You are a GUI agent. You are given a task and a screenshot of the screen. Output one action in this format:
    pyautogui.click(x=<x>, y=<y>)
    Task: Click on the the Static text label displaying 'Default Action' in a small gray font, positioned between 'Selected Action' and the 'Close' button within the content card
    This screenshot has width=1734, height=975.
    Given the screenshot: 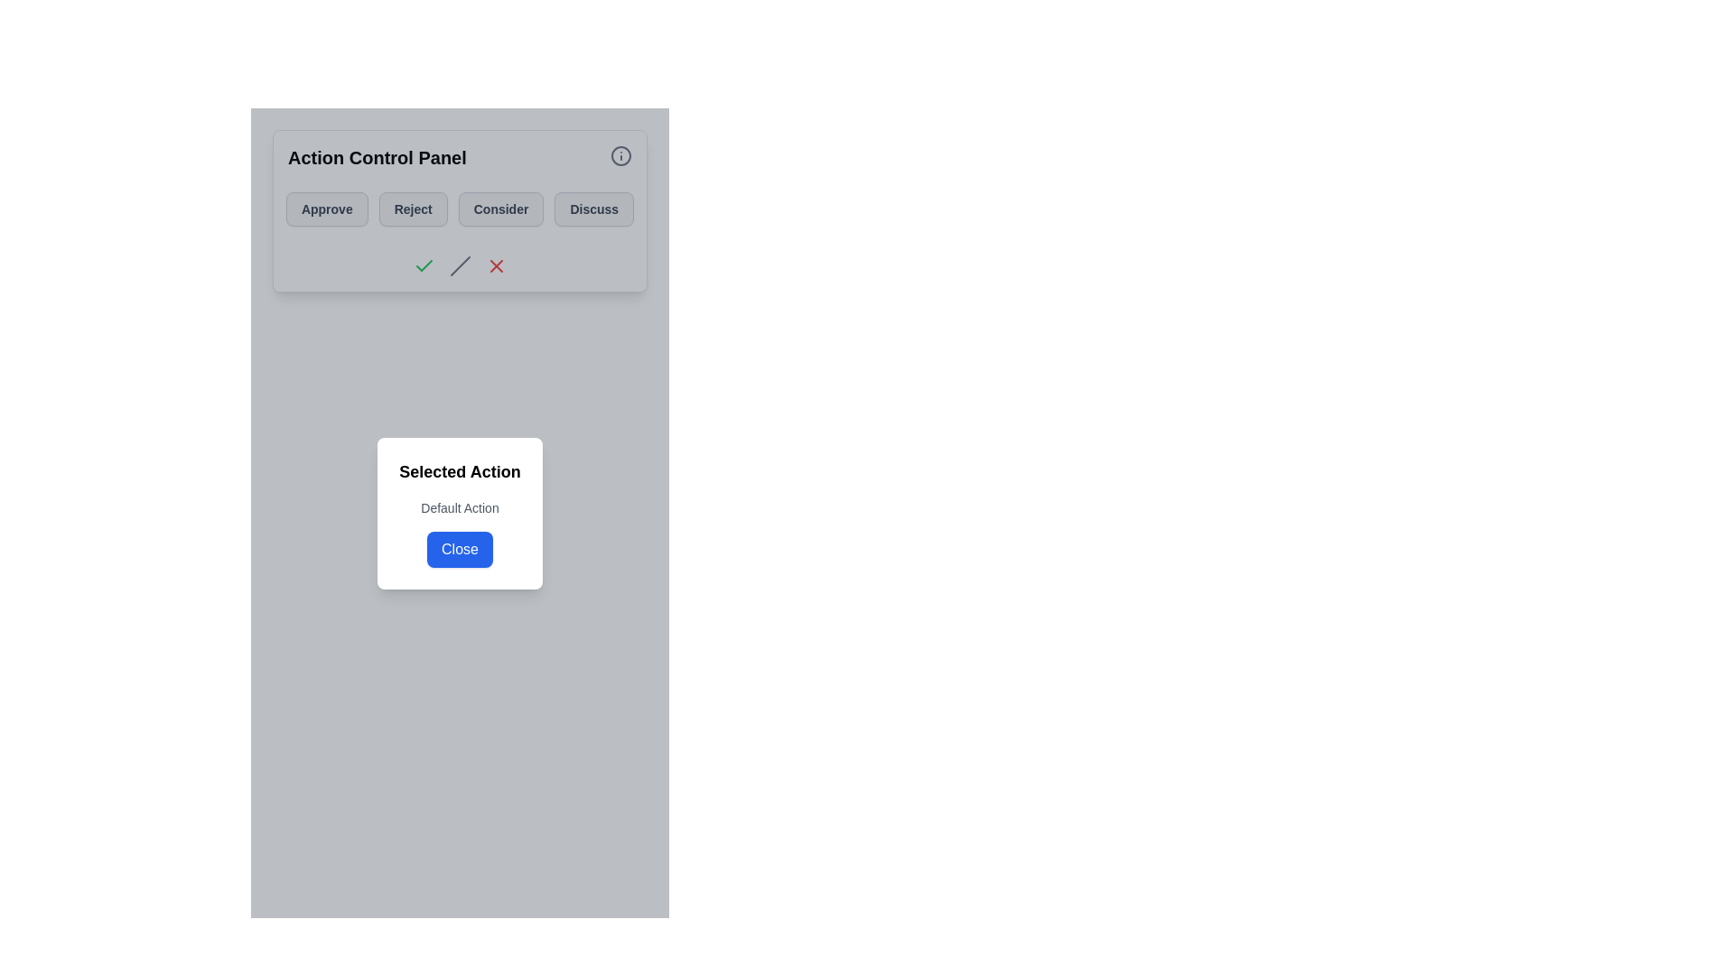 What is the action you would take?
    pyautogui.click(x=460, y=507)
    